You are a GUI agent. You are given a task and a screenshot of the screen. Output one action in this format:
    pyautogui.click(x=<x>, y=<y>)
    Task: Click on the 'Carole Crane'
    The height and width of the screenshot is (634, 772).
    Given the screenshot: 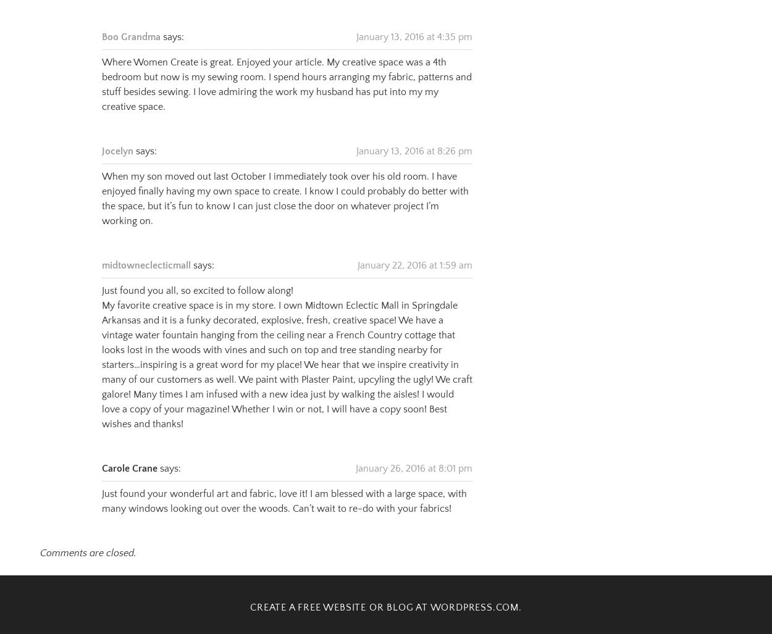 What is the action you would take?
    pyautogui.click(x=102, y=453)
    